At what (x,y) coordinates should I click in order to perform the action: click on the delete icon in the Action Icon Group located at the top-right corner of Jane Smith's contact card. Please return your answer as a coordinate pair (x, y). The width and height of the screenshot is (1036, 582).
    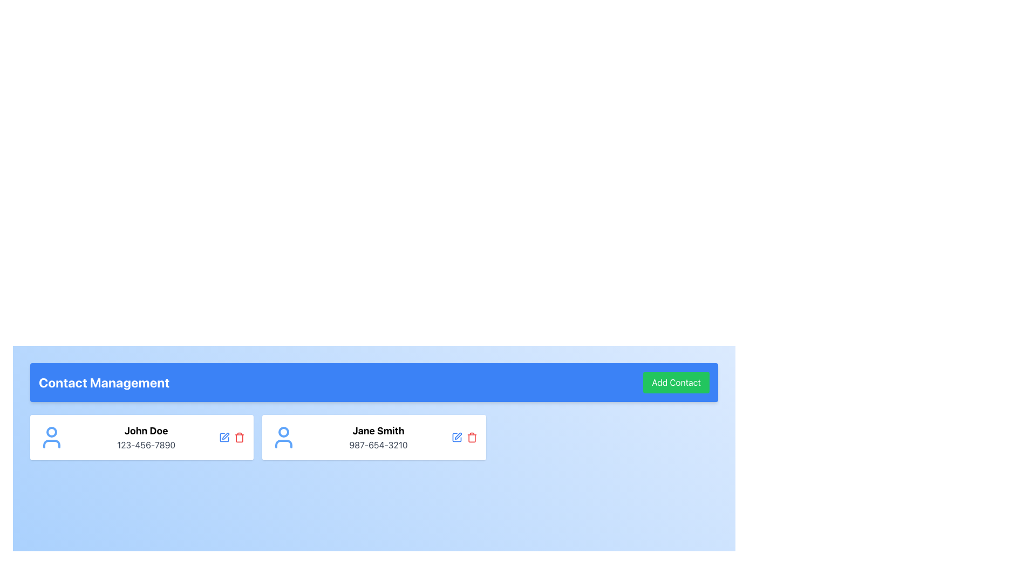
    Looking at the image, I should click on (464, 438).